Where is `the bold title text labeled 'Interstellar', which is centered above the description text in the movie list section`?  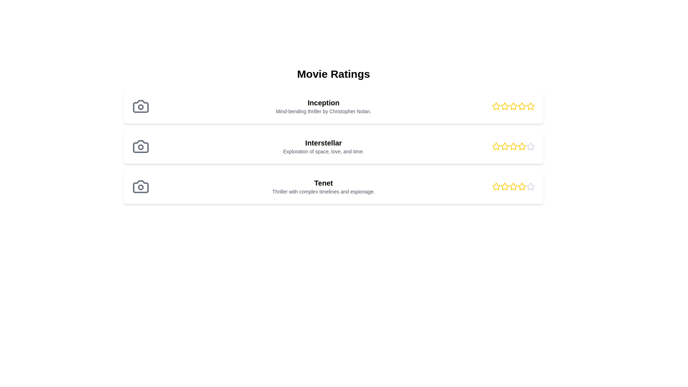
the bold title text labeled 'Interstellar', which is centered above the description text in the movie list section is located at coordinates (323, 143).